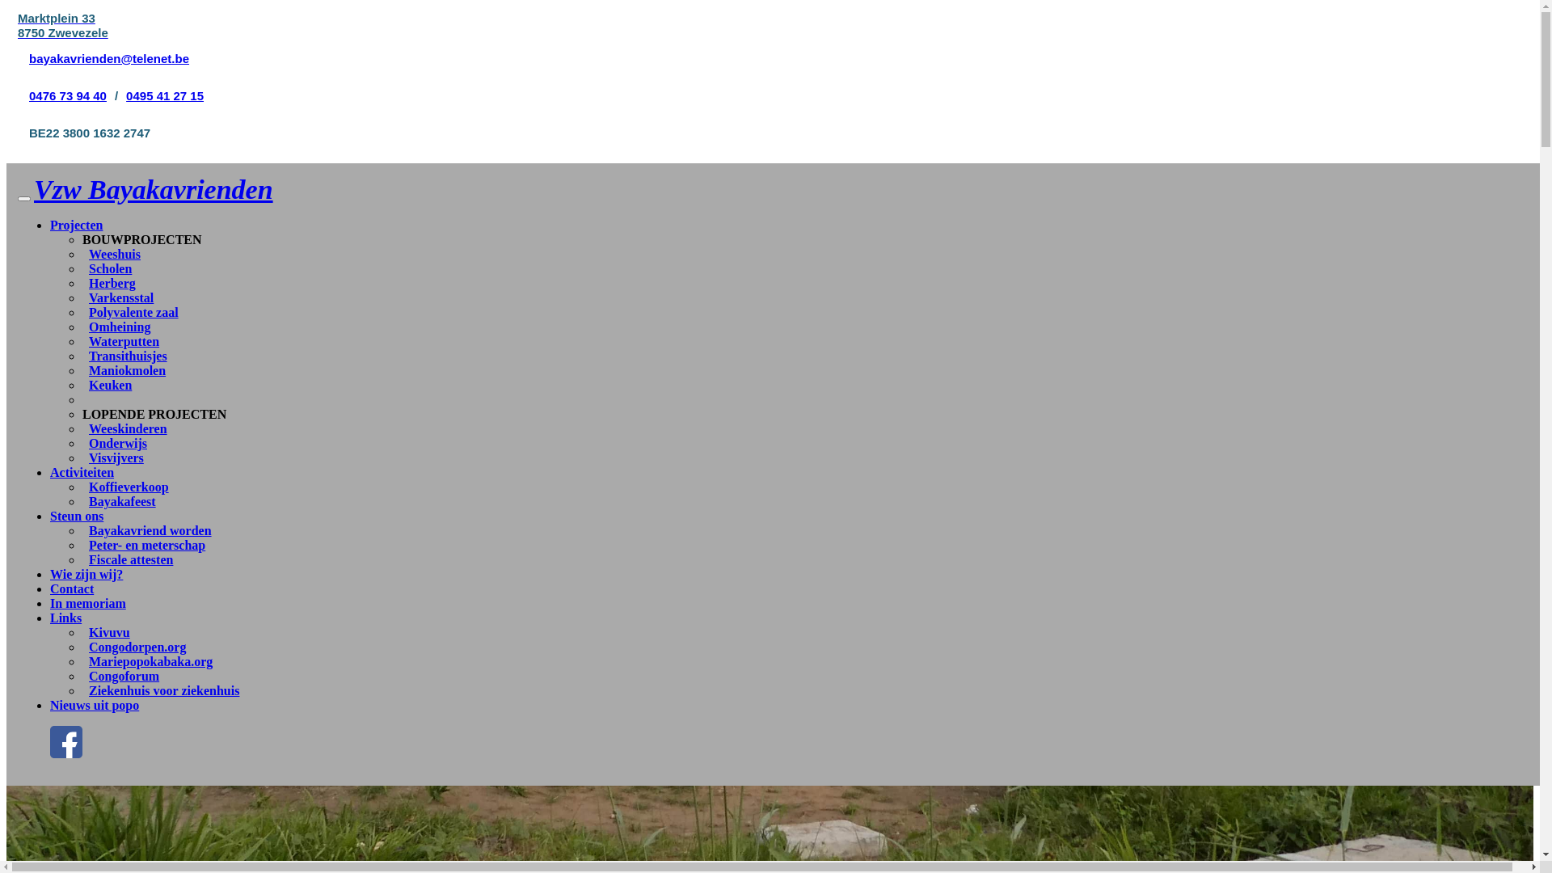 Image resolution: width=1552 pixels, height=873 pixels. I want to click on 'Wie zijn wij?', so click(50, 573).